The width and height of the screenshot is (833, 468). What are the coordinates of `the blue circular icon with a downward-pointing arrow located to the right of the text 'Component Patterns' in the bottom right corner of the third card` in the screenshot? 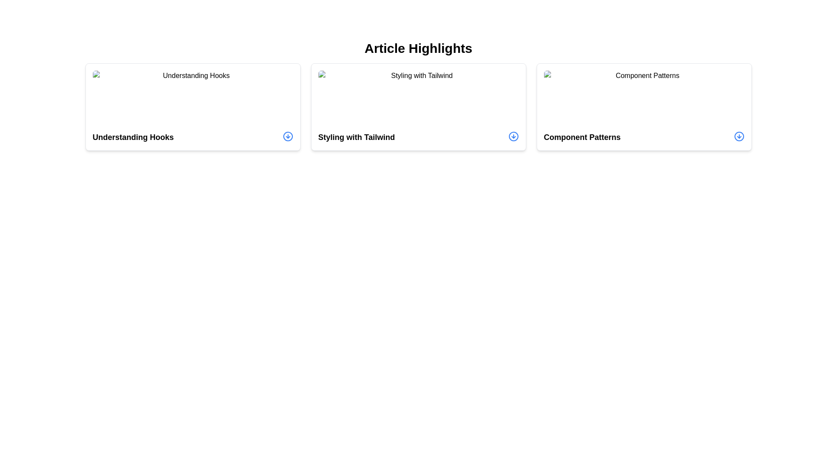 It's located at (738, 136).